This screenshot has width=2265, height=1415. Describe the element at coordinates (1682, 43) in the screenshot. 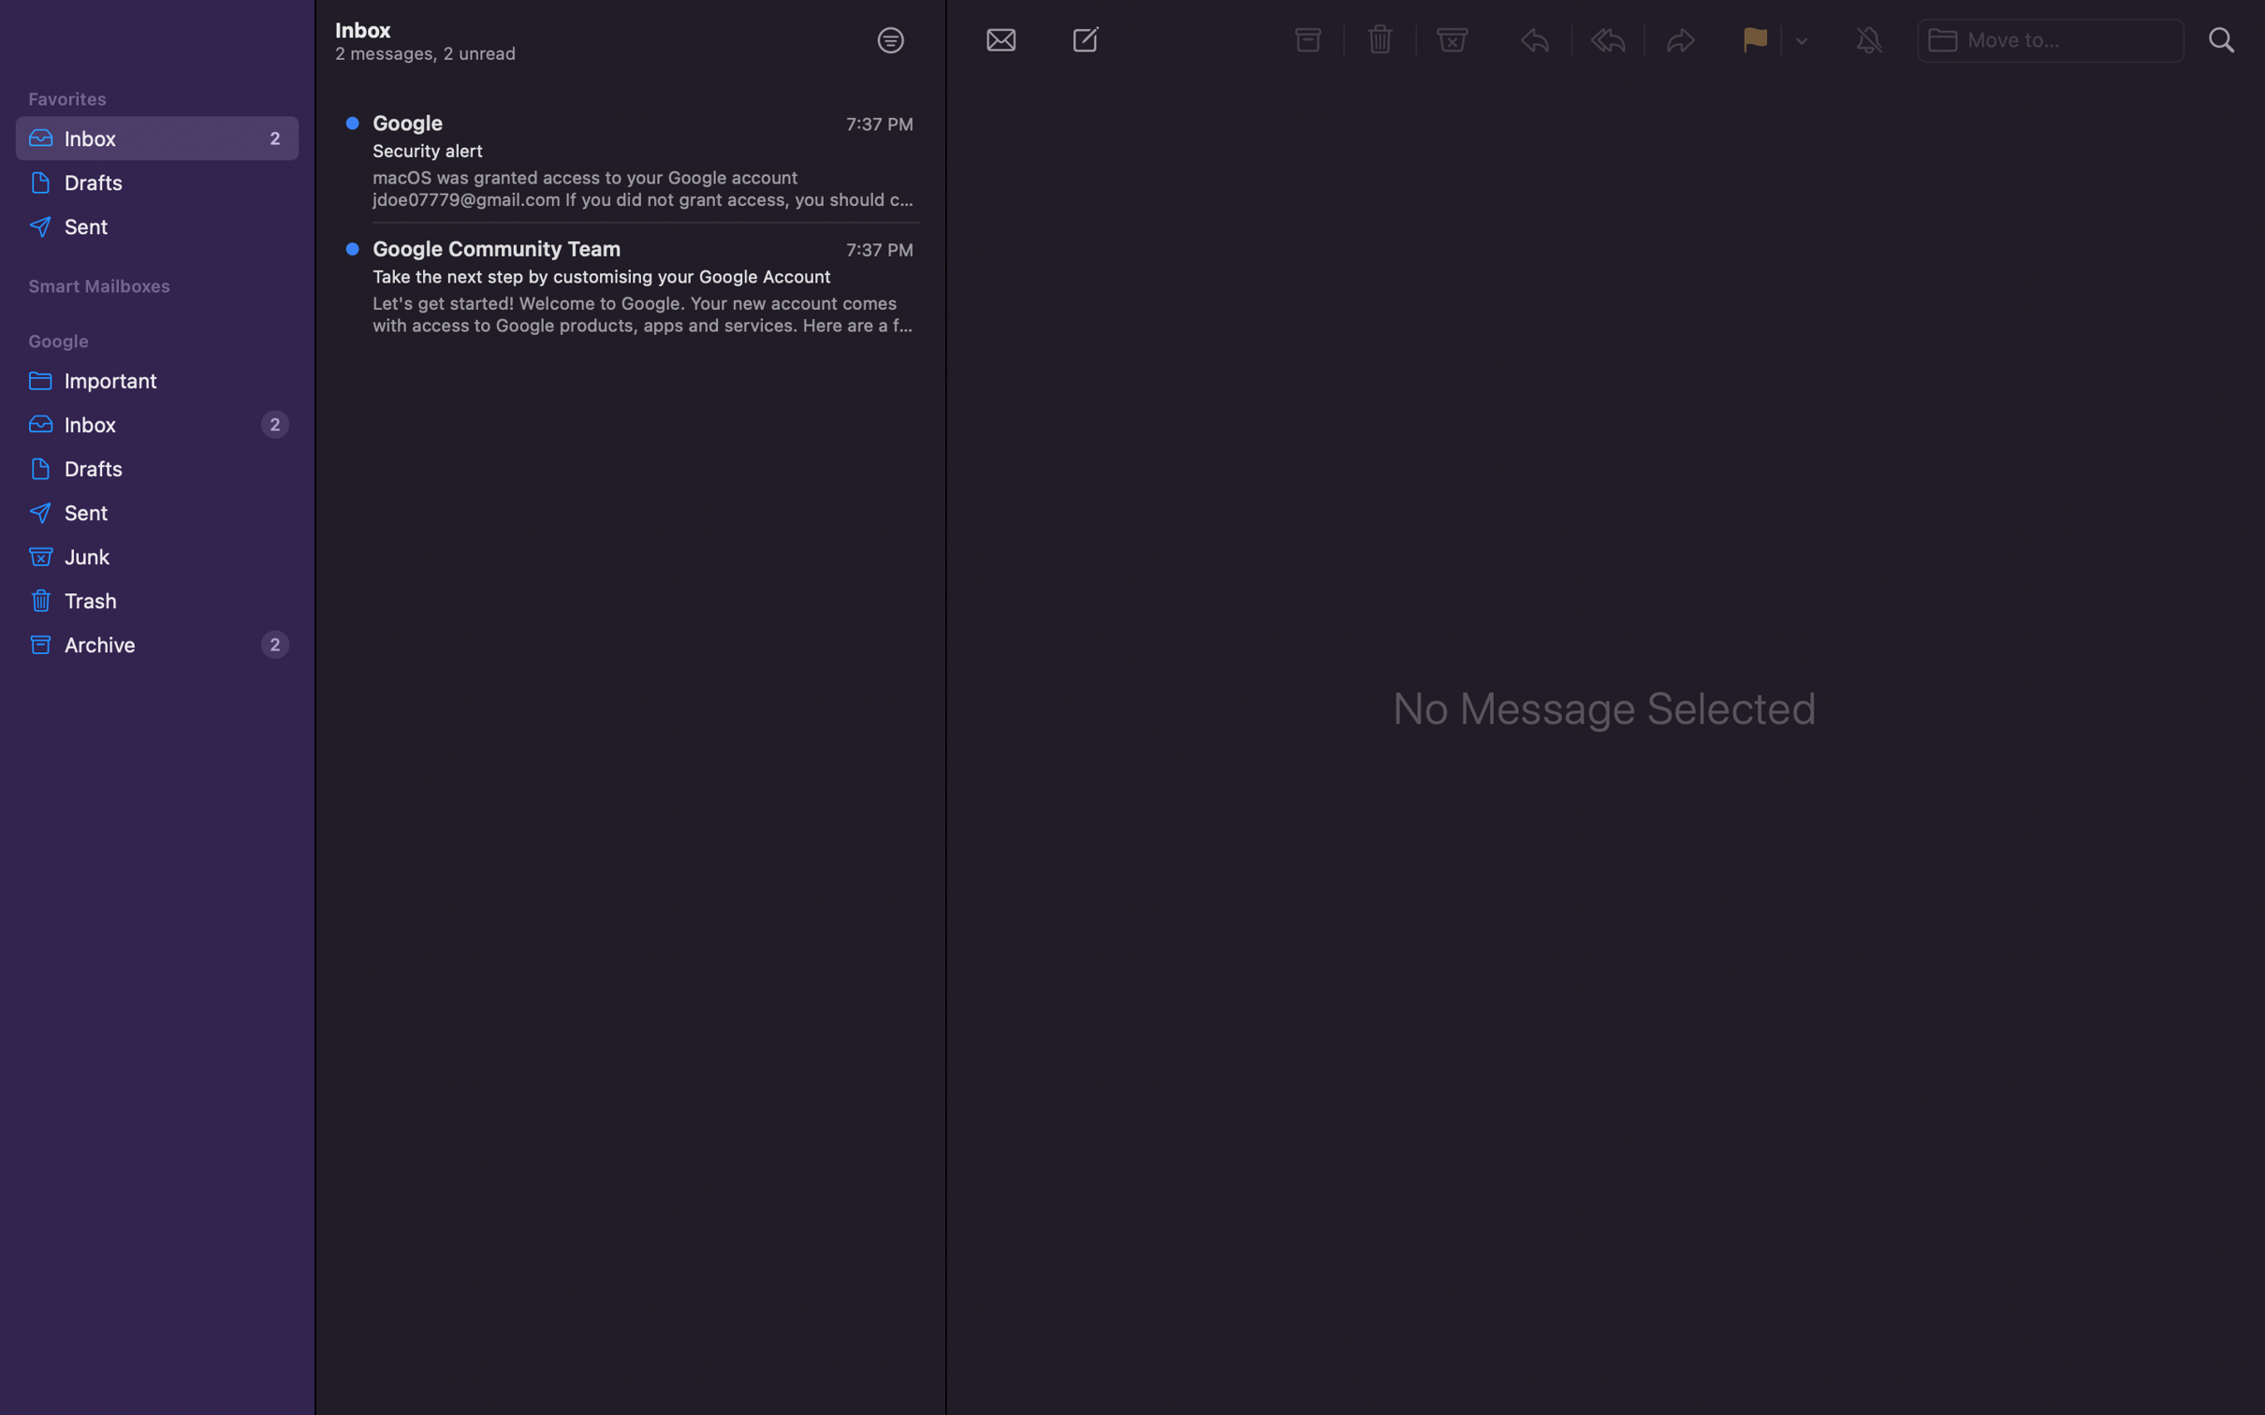

I see `Opt for the forward function for the selected conversation` at that location.